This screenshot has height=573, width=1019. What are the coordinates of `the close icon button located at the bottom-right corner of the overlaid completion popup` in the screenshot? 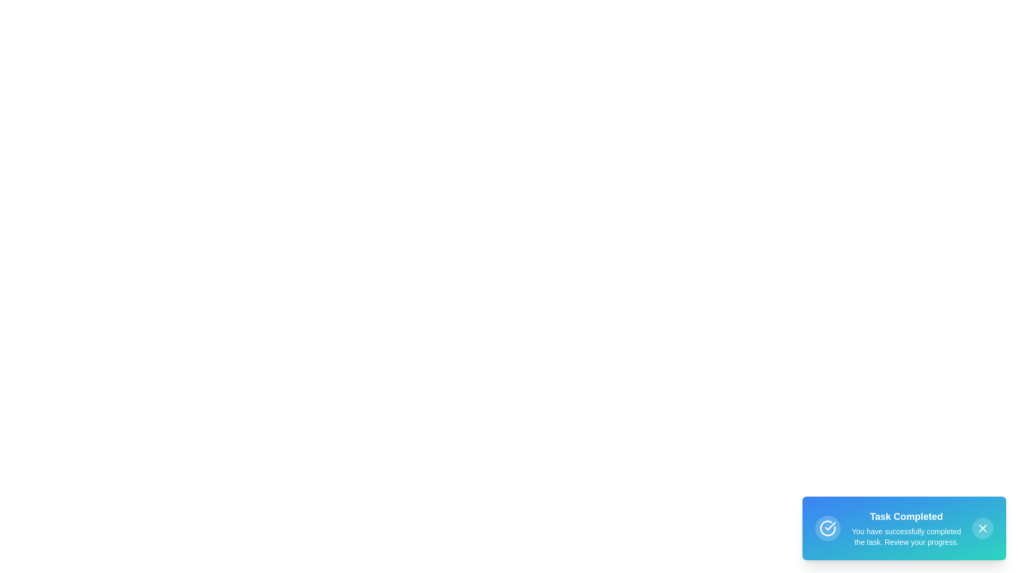 It's located at (982, 528).